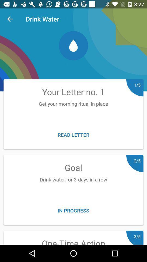 Image resolution: width=147 pixels, height=262 pixels. Describe the element at coordinates (73, 210) in the screenshot. I see `the item above the one-time action` at that location.